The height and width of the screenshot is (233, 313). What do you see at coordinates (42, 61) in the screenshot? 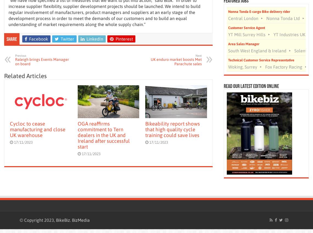
I see `'Raleigh brings Events Manager on board'` at bounding box center [42, 61].